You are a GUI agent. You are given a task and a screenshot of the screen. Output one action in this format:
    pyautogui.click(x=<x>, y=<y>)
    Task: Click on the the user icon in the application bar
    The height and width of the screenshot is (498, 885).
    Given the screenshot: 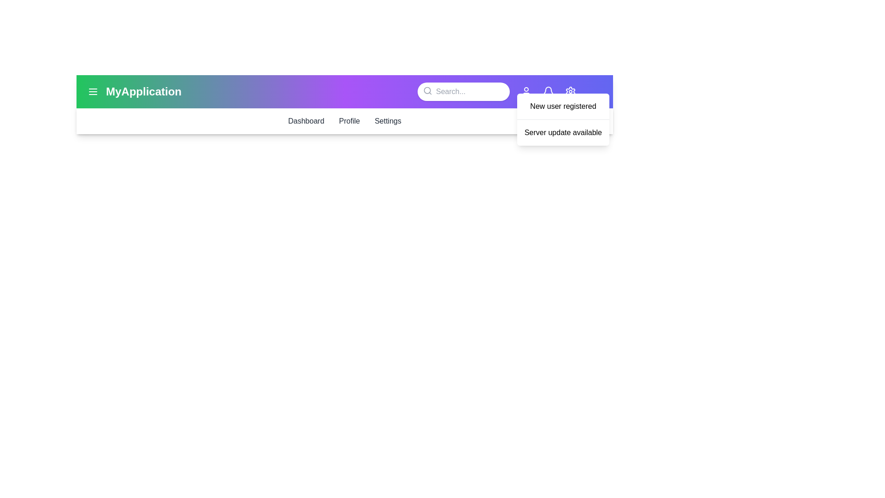 What is the action you would take?
    pyautogui.click(x=526, y=92)
    